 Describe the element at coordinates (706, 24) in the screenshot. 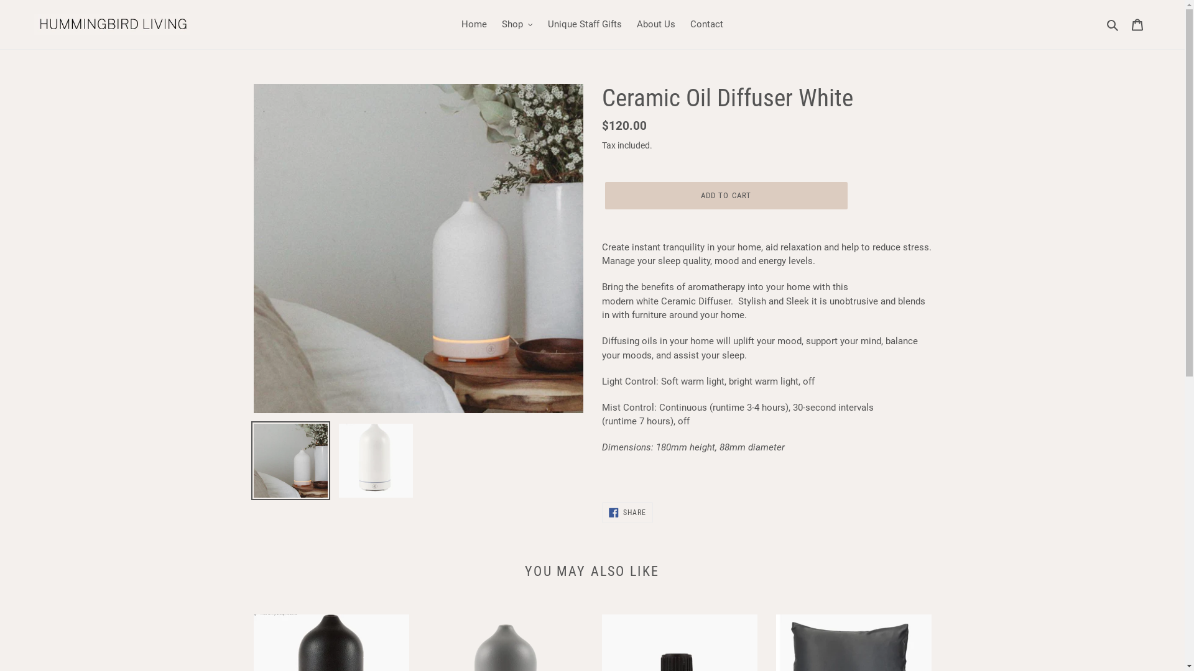

I see `'Contact'` at that location.